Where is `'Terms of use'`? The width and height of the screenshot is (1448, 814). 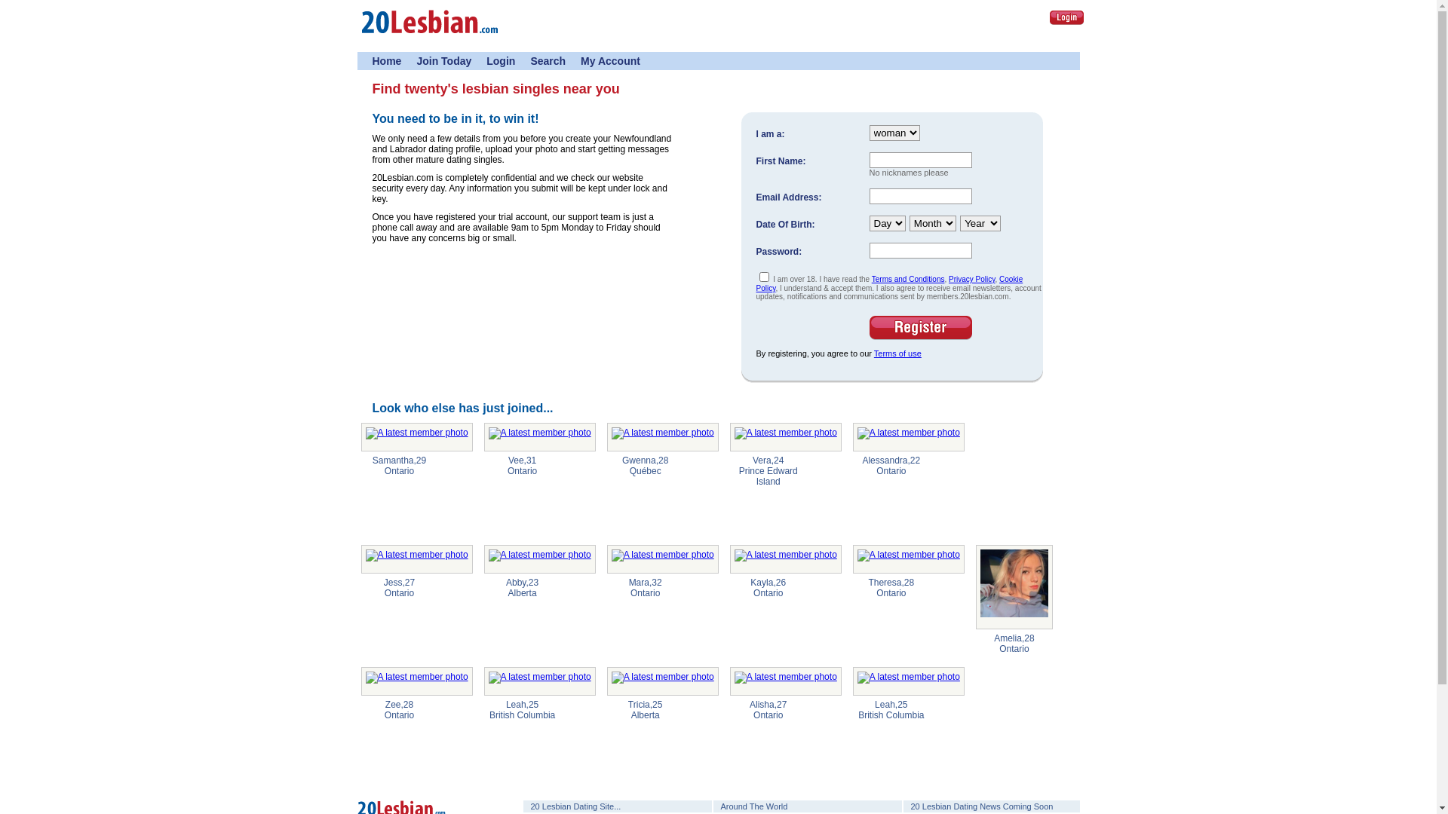 'Terms of use' is located at coordinates (897, 353).